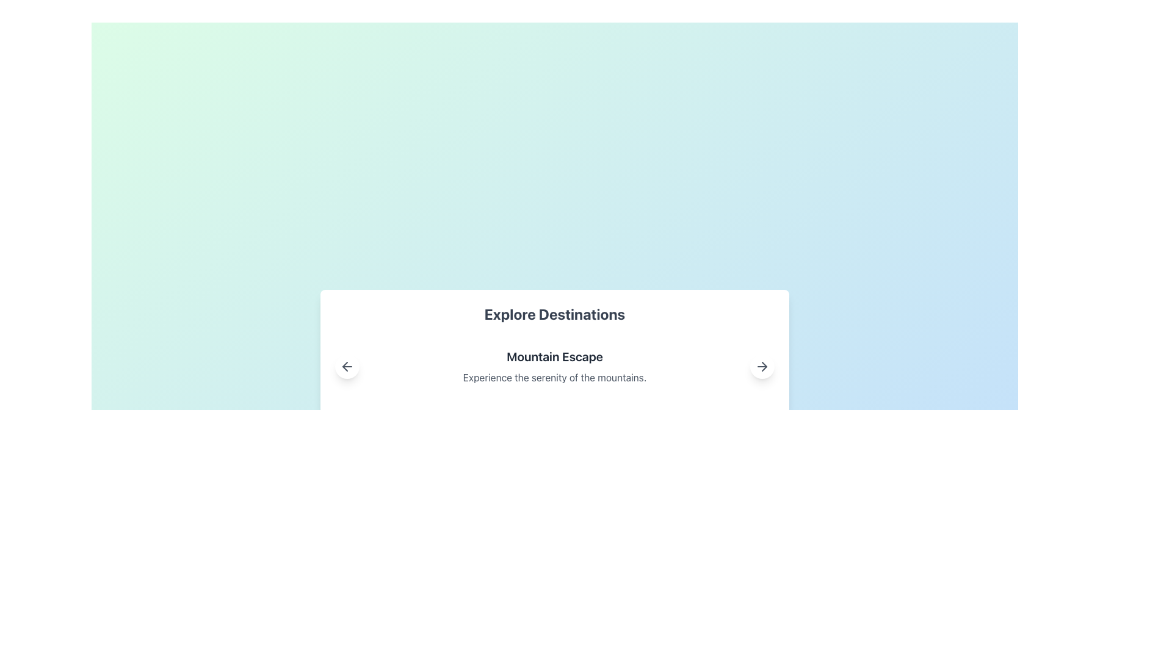 The image size is (1172, 659). What do you see at coordinates (761, 366) in the screenshot?
I see `the arrow icon located at the center of the circular button on the far-right side of the white rectangular panel for the 'Mountain Escape' section` at bounding box center [761, 366].